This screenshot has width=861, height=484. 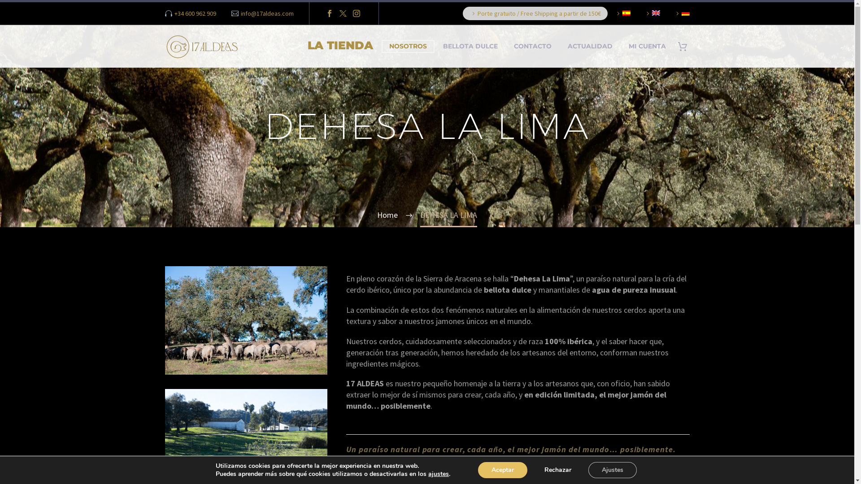 What do you see at coordinates (590, 46) in the screenshot?
I see `'ACTUALIDAD'` at bounding box center [590, 46].